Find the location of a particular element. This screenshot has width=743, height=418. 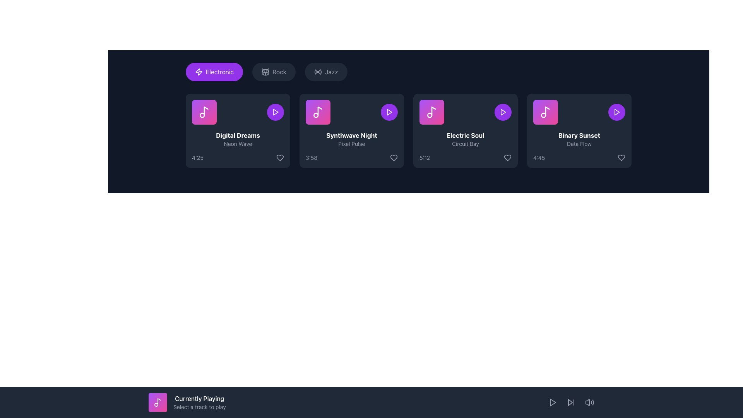

the 'like' or 'favorite' button located at the bottom-right corner of the card for the track 'Digital Dreams' by 'Neon Wave' to observe the color change is located at coordinates (280, 158).